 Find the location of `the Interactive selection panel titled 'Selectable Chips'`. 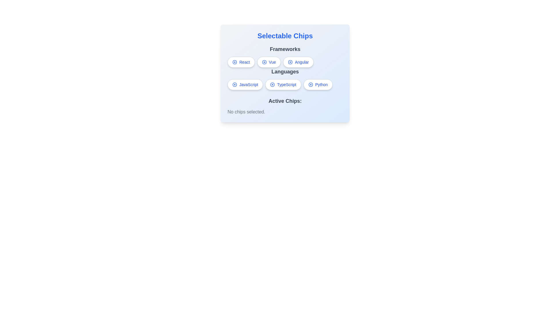

the Interactive selection panel titled 'Selectable Chips' is located at coordinates (285, 73).